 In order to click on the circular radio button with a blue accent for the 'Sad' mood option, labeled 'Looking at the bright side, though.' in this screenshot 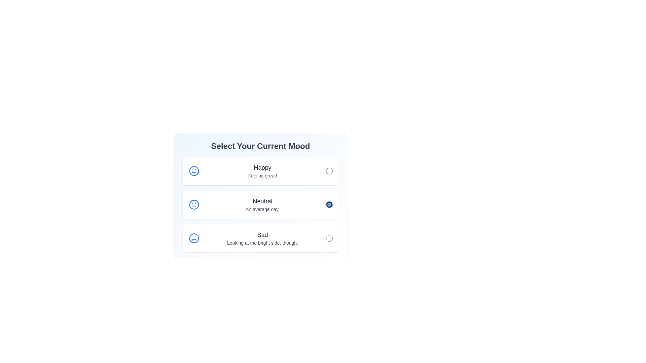, I will do `click(329, 238)`.